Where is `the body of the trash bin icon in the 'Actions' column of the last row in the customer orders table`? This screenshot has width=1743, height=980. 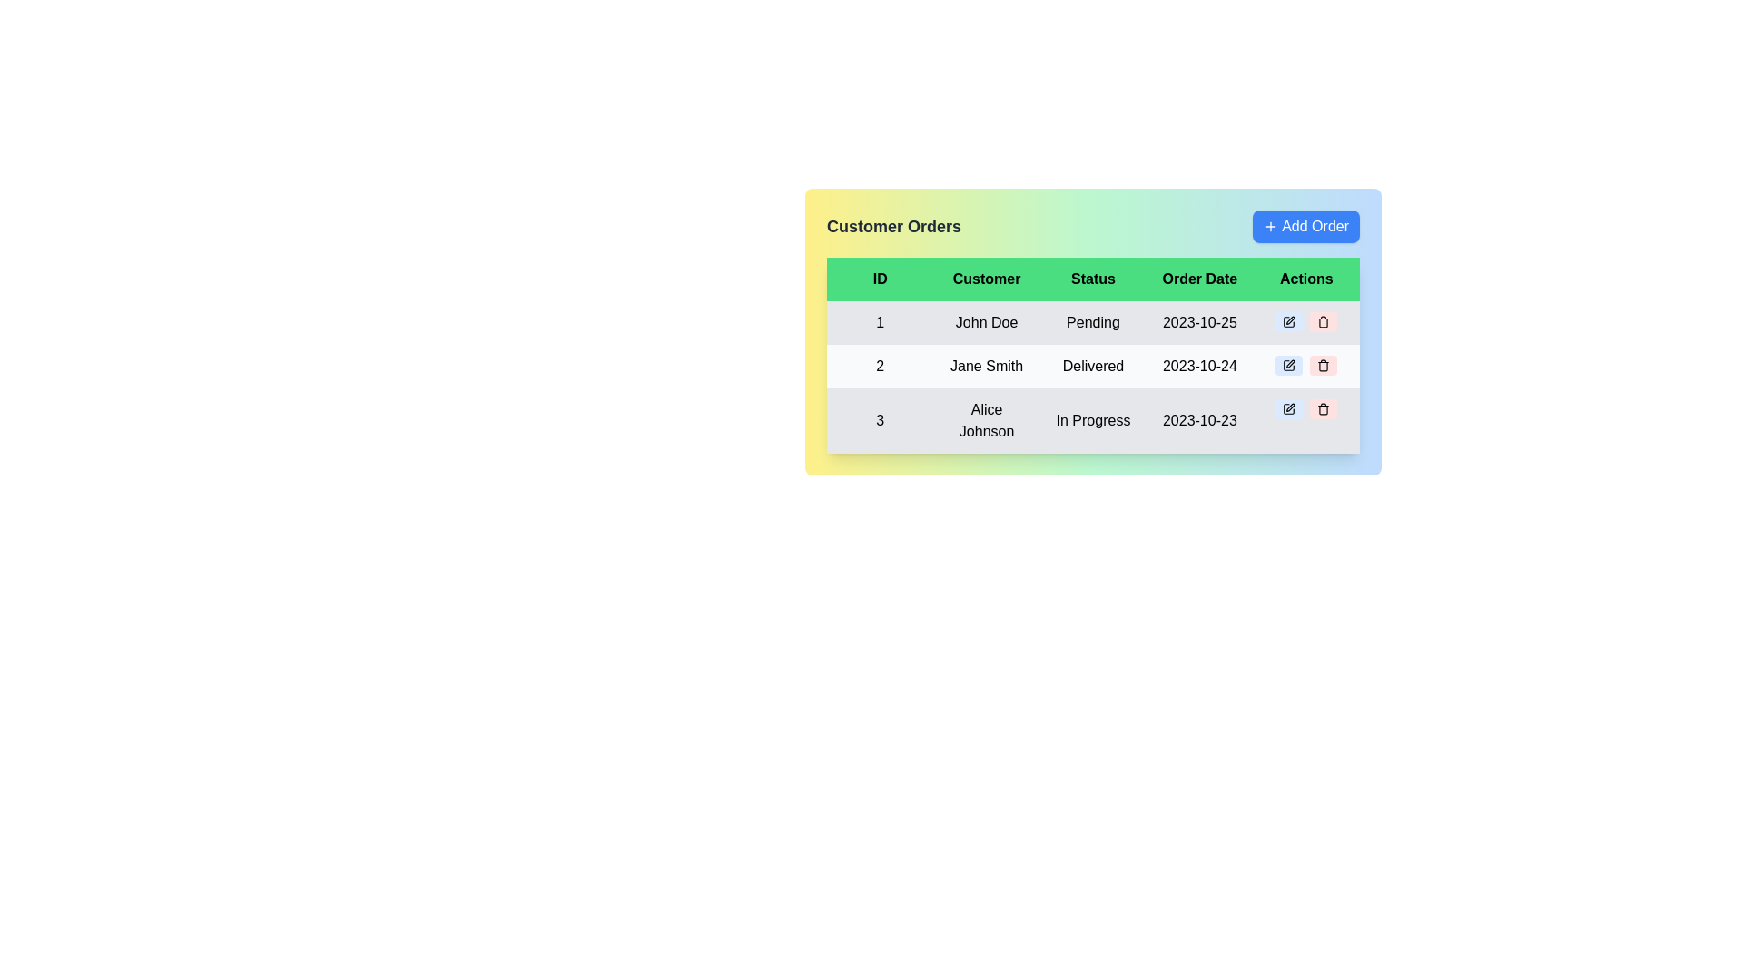
the body of the trash bin icon in the 'Actions' column of the last row in the customer orders table is located at coordinates (1324, 410).